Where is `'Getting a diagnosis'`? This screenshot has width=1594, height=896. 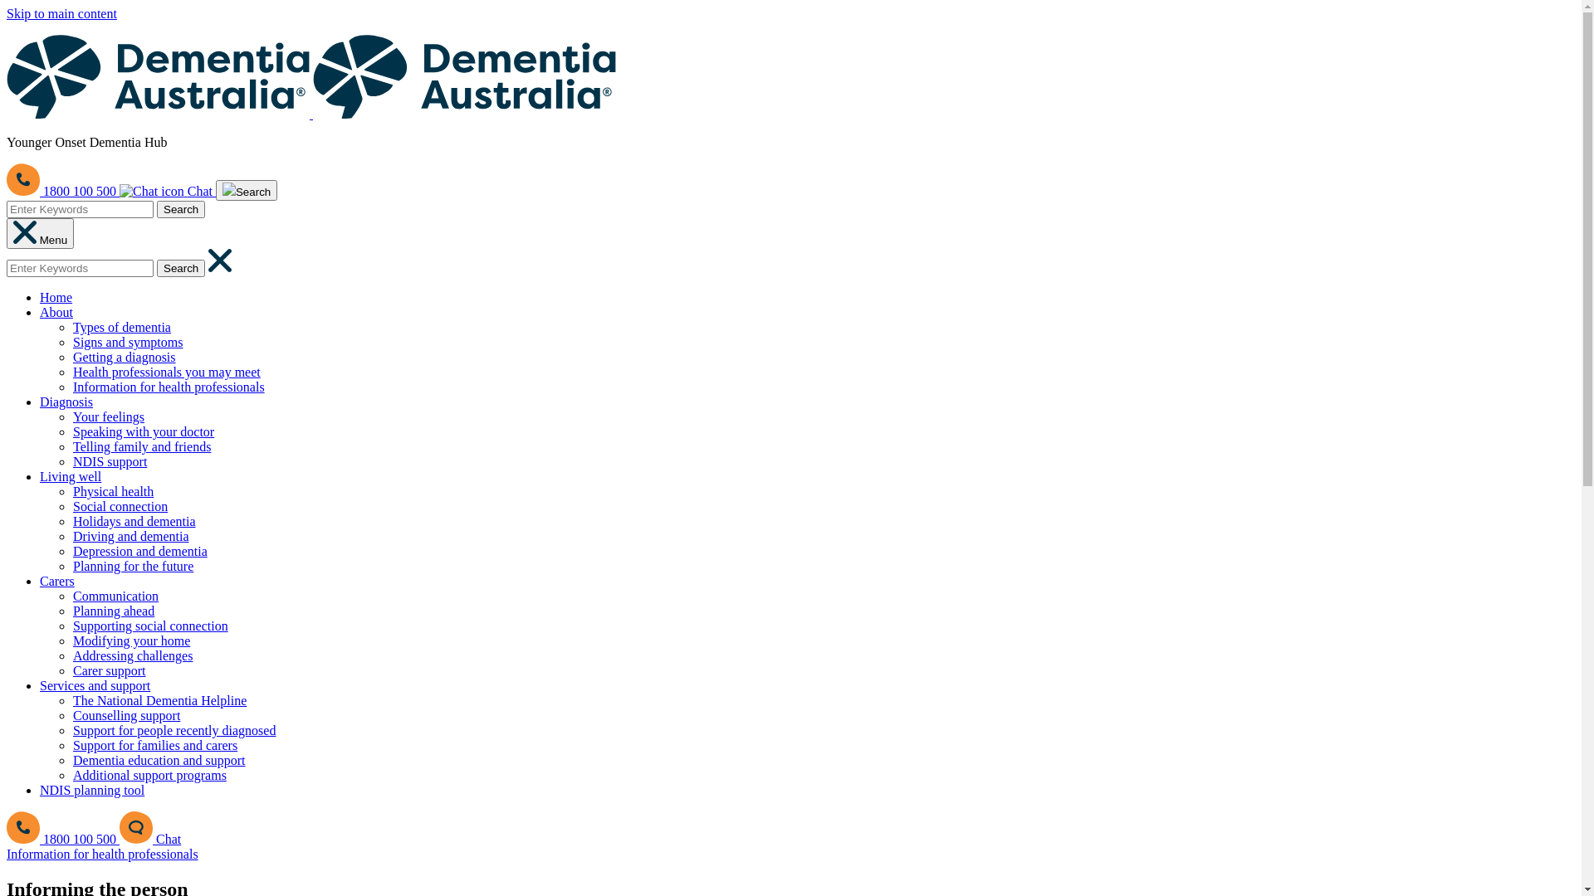
'Getting a diagnosis' is located at coordinates (123, 356).